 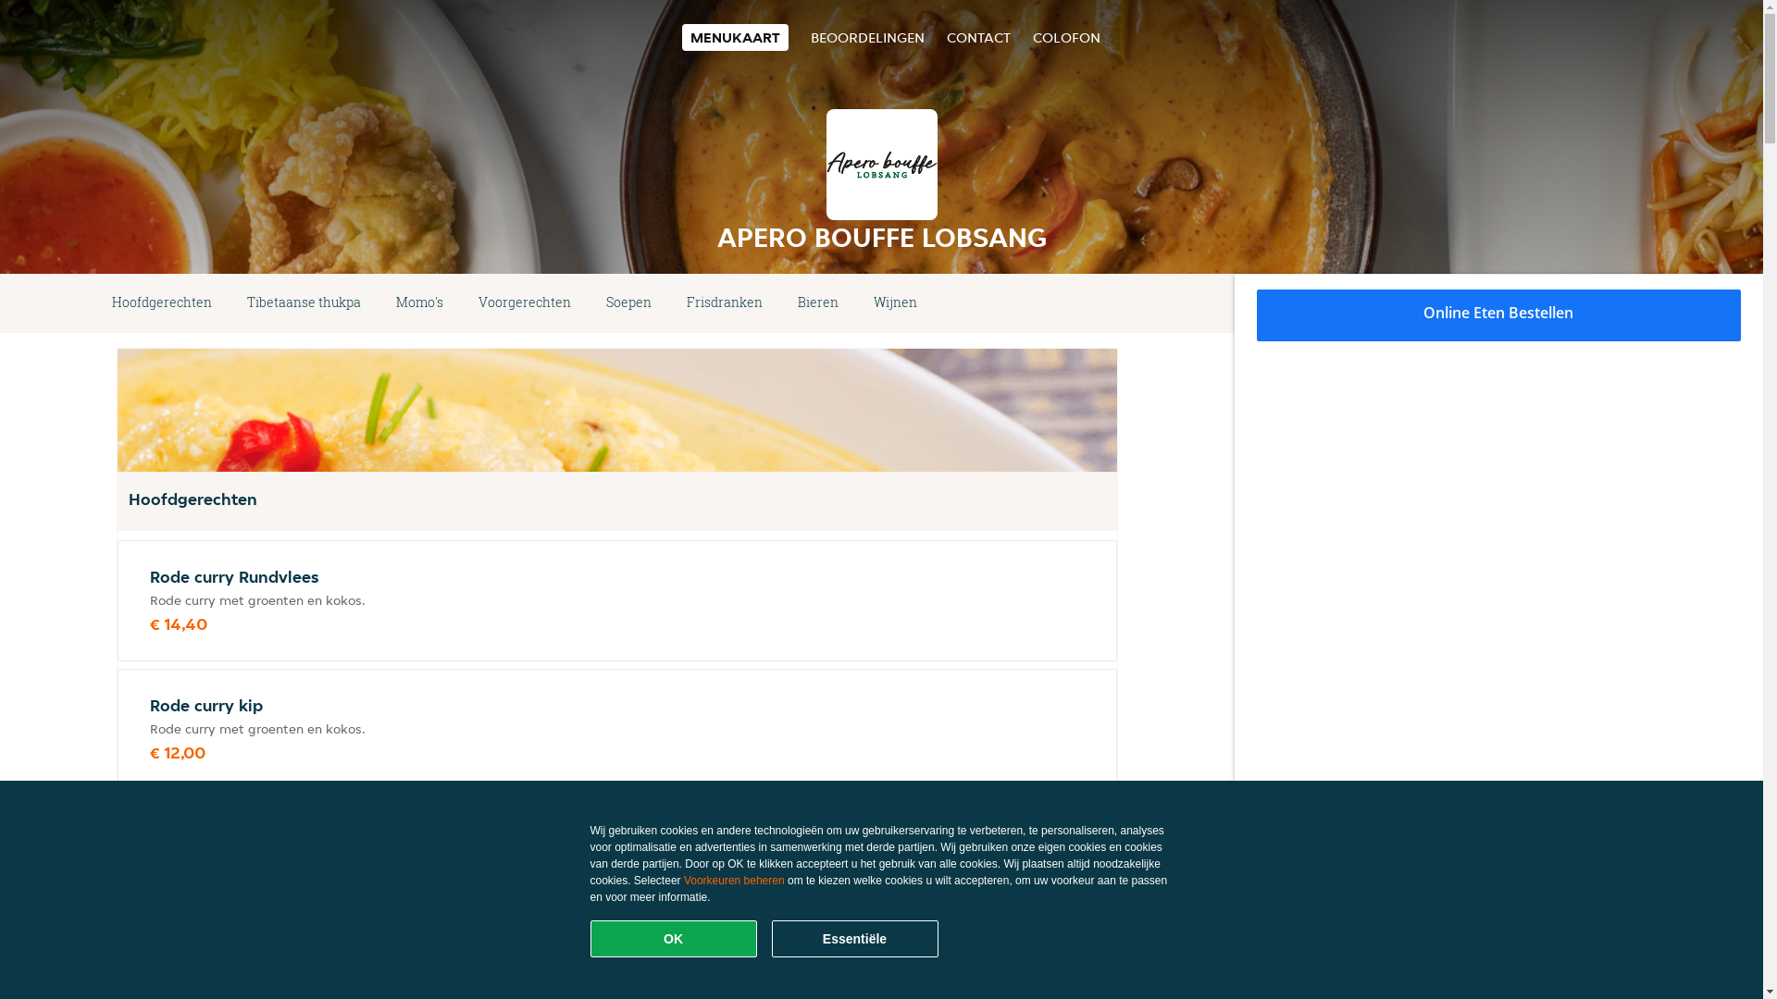 I want to click on 'BEOORDELINGEN', so click(x=866, y=37).